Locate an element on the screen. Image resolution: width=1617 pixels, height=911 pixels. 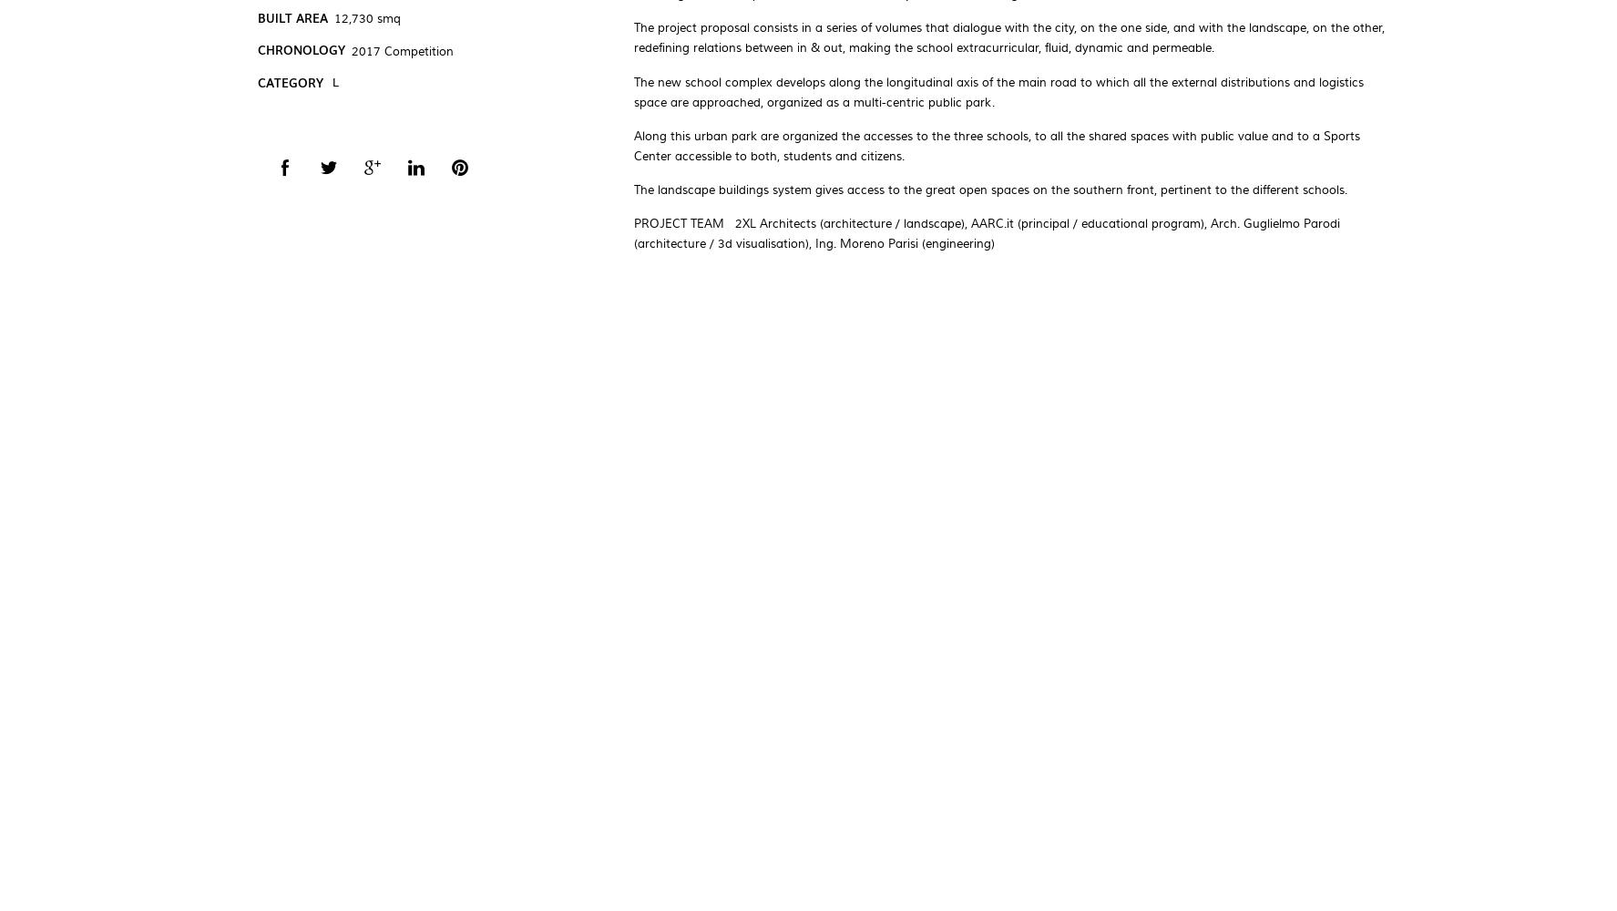
'2017 Competition' is located at coordinates (402, 51).